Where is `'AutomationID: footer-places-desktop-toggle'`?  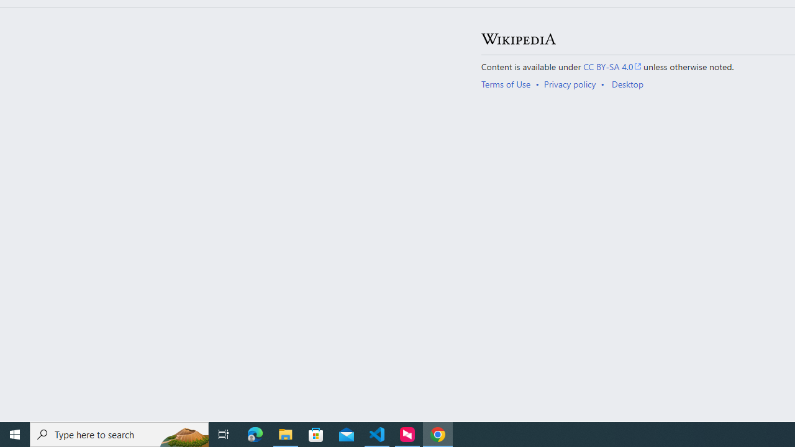
'AutomationID: footer-places-desktop-toggle' is located at coordinates (630, 84).